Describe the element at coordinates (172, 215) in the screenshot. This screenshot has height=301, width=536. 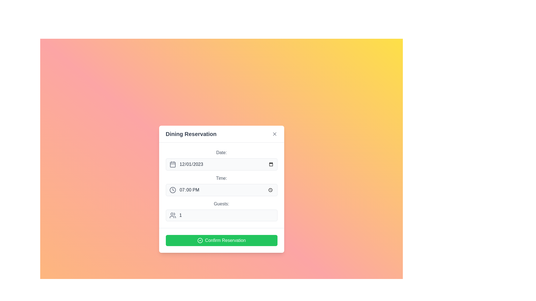
I see `the Guests icon located to the left of the numeric input field for specifying the number of guests in the reservation form` at that location.